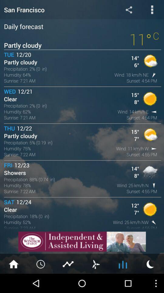 This screenshot has height=293, width=164. I want to click on share option, so click(128, 9).